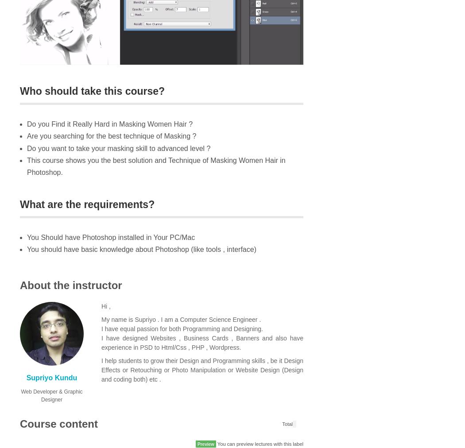  I want to click on 'This course shows you the best solution and Technique of Masking Women Hair in Photoshop.', so click(155, 166).